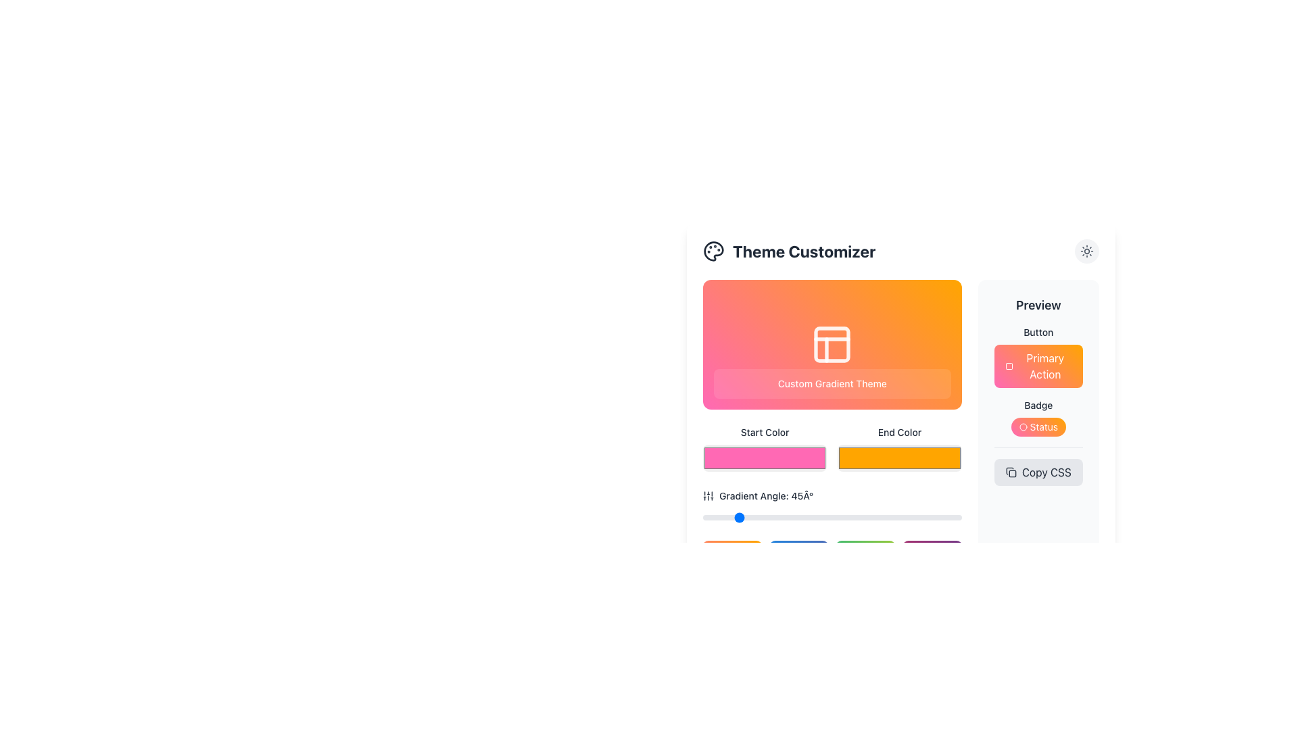  What do you see at coordinates (713, 251) in the screenshot?
I see `the palette icon located to the left of the 'Theme Customizer' text in the header of the 'Theme Customizer' section` at bounding box center [713, 251].